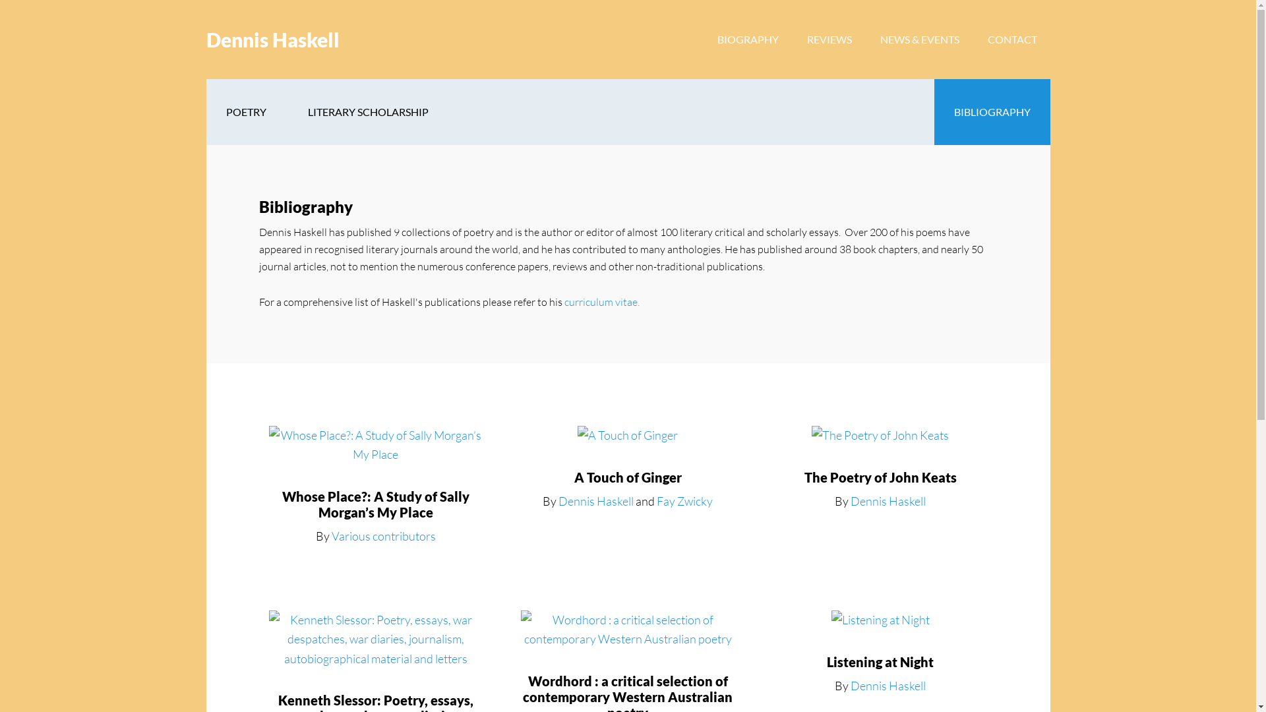 The height and width of the screenshot is (712, 1266). I want to click on 'BIBLIOGRAPHY', so click(991, 111).